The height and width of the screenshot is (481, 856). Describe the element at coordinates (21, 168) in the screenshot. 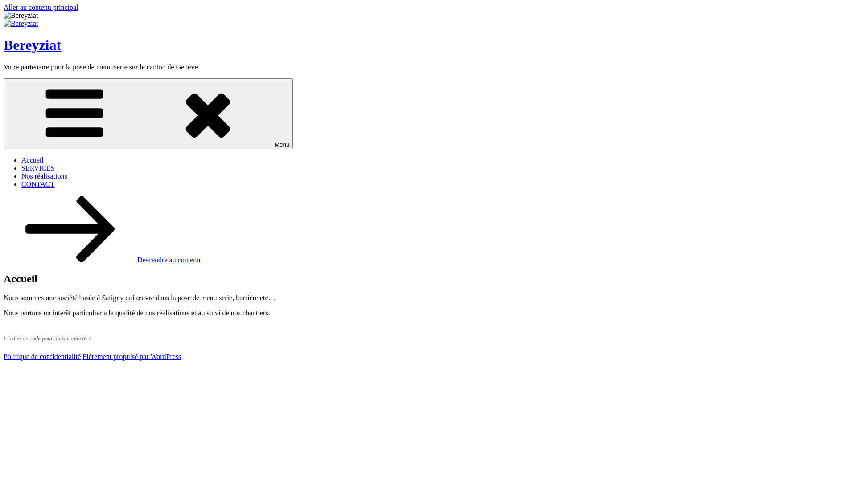

I see `'SERVICES'` at that location.